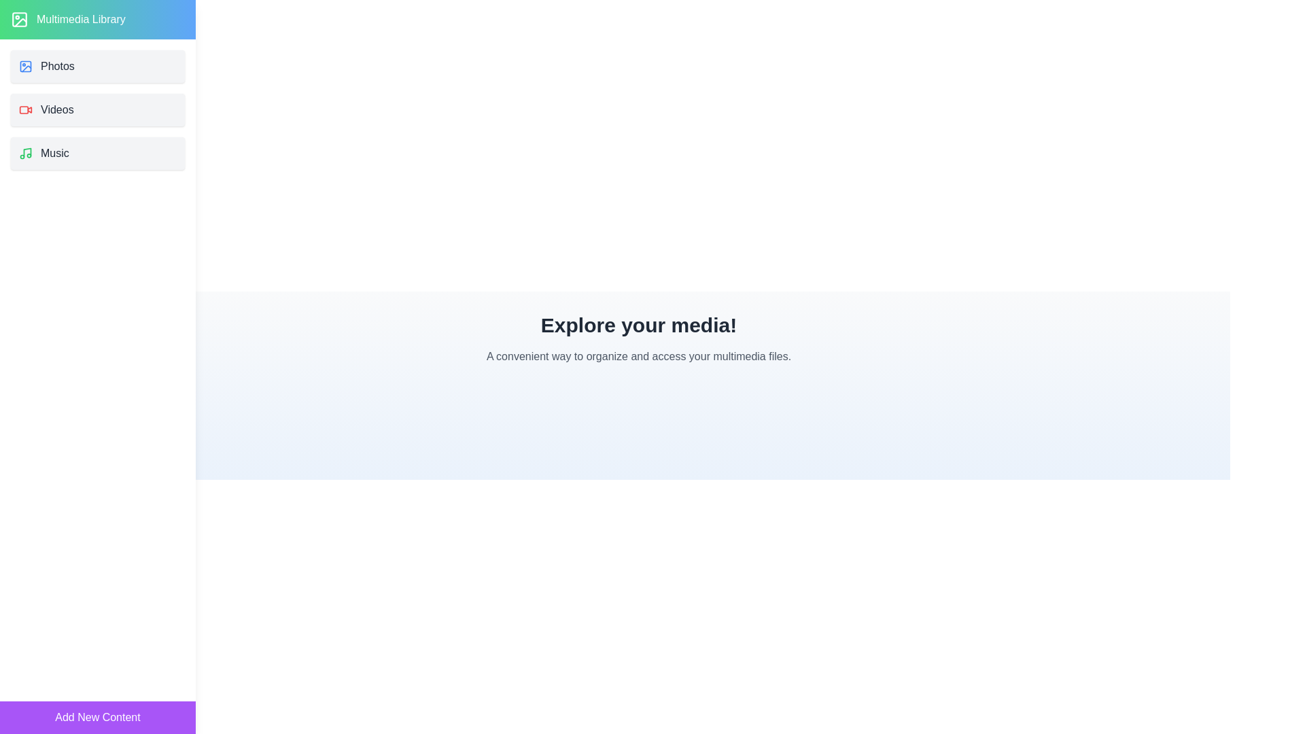 The image size is (1305, 734). I want to click on the category 'Videos' to select it, so click(97, 109).